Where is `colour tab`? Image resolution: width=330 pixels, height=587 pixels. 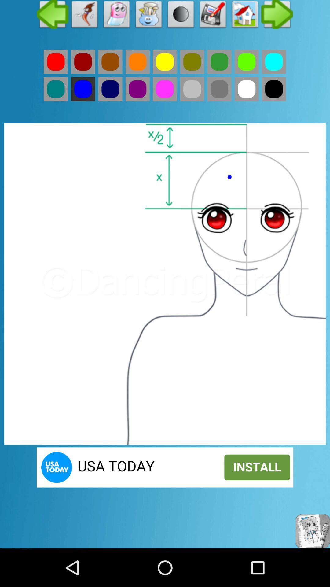
colour tab is located at coordinates (273, 62).